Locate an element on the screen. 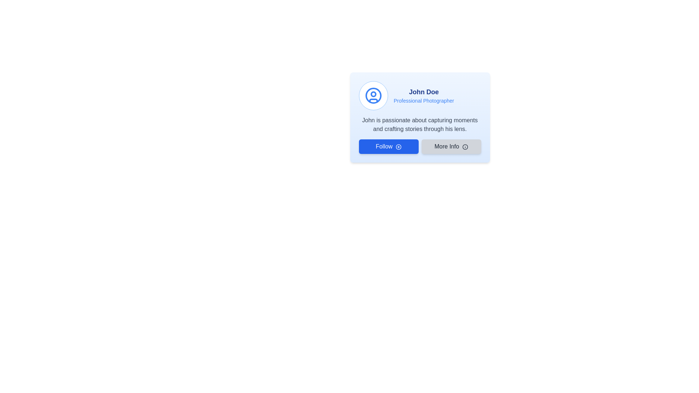  the circular user profile icon with a blue outline located at the top-left corner of the user information card is located at coordinates (373, 95).